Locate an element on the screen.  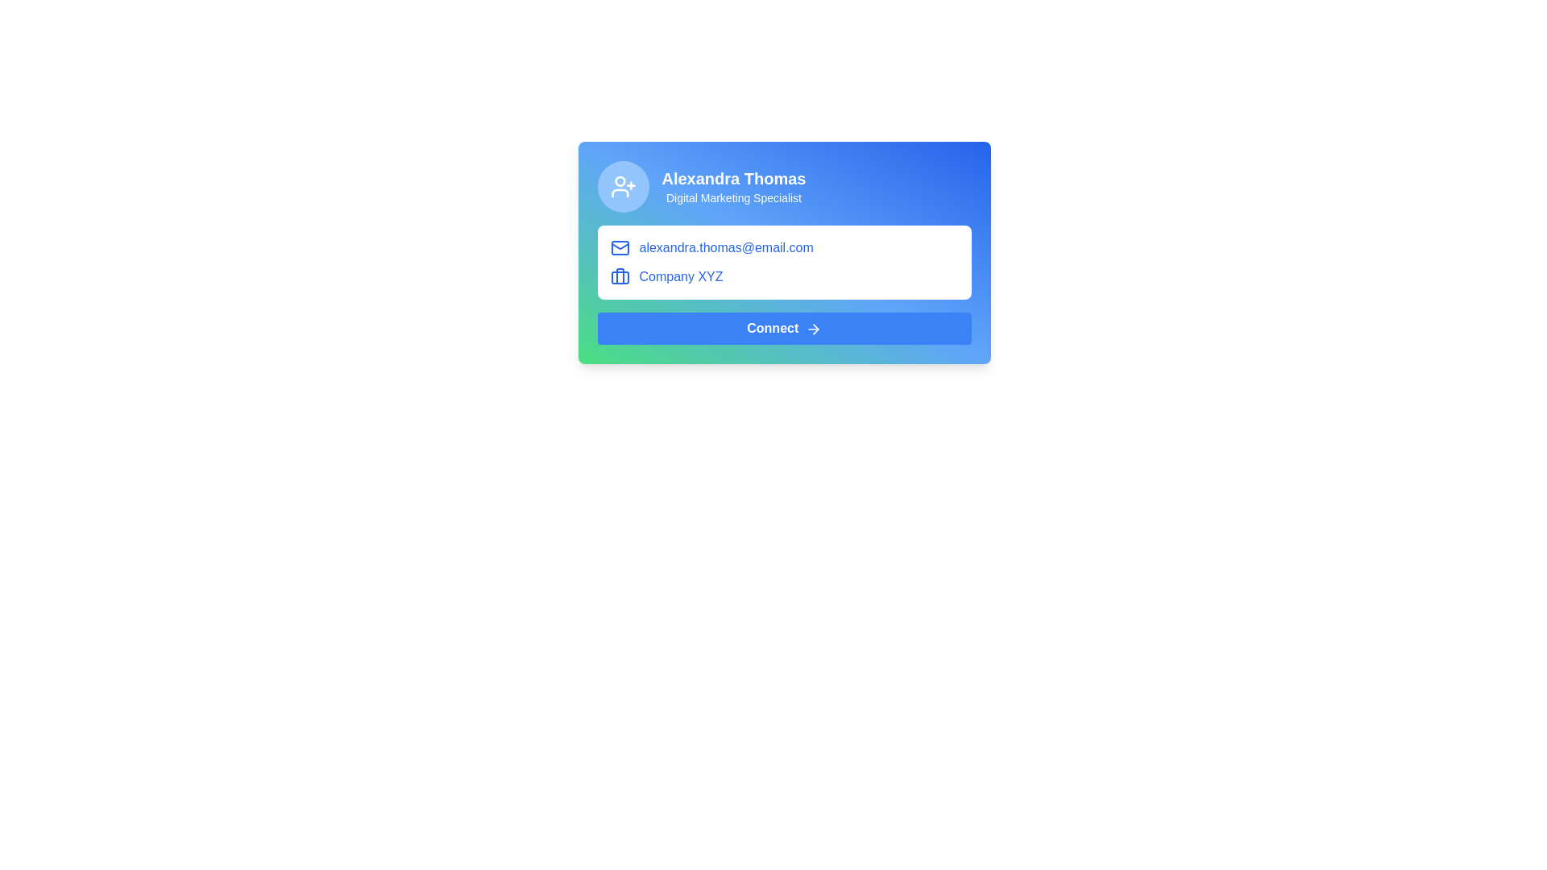
the icon representing the functionality to add 'Alexandra Thomas' to a network or contact list, located in the top-left section of the profile informational card is located at coordinates (622, 185).